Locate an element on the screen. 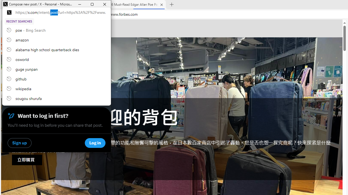 Image resolution: width=348 pixels, height=195 pixels. 'wikipedia, recent searches from history' is located at coordinates (57, 88).